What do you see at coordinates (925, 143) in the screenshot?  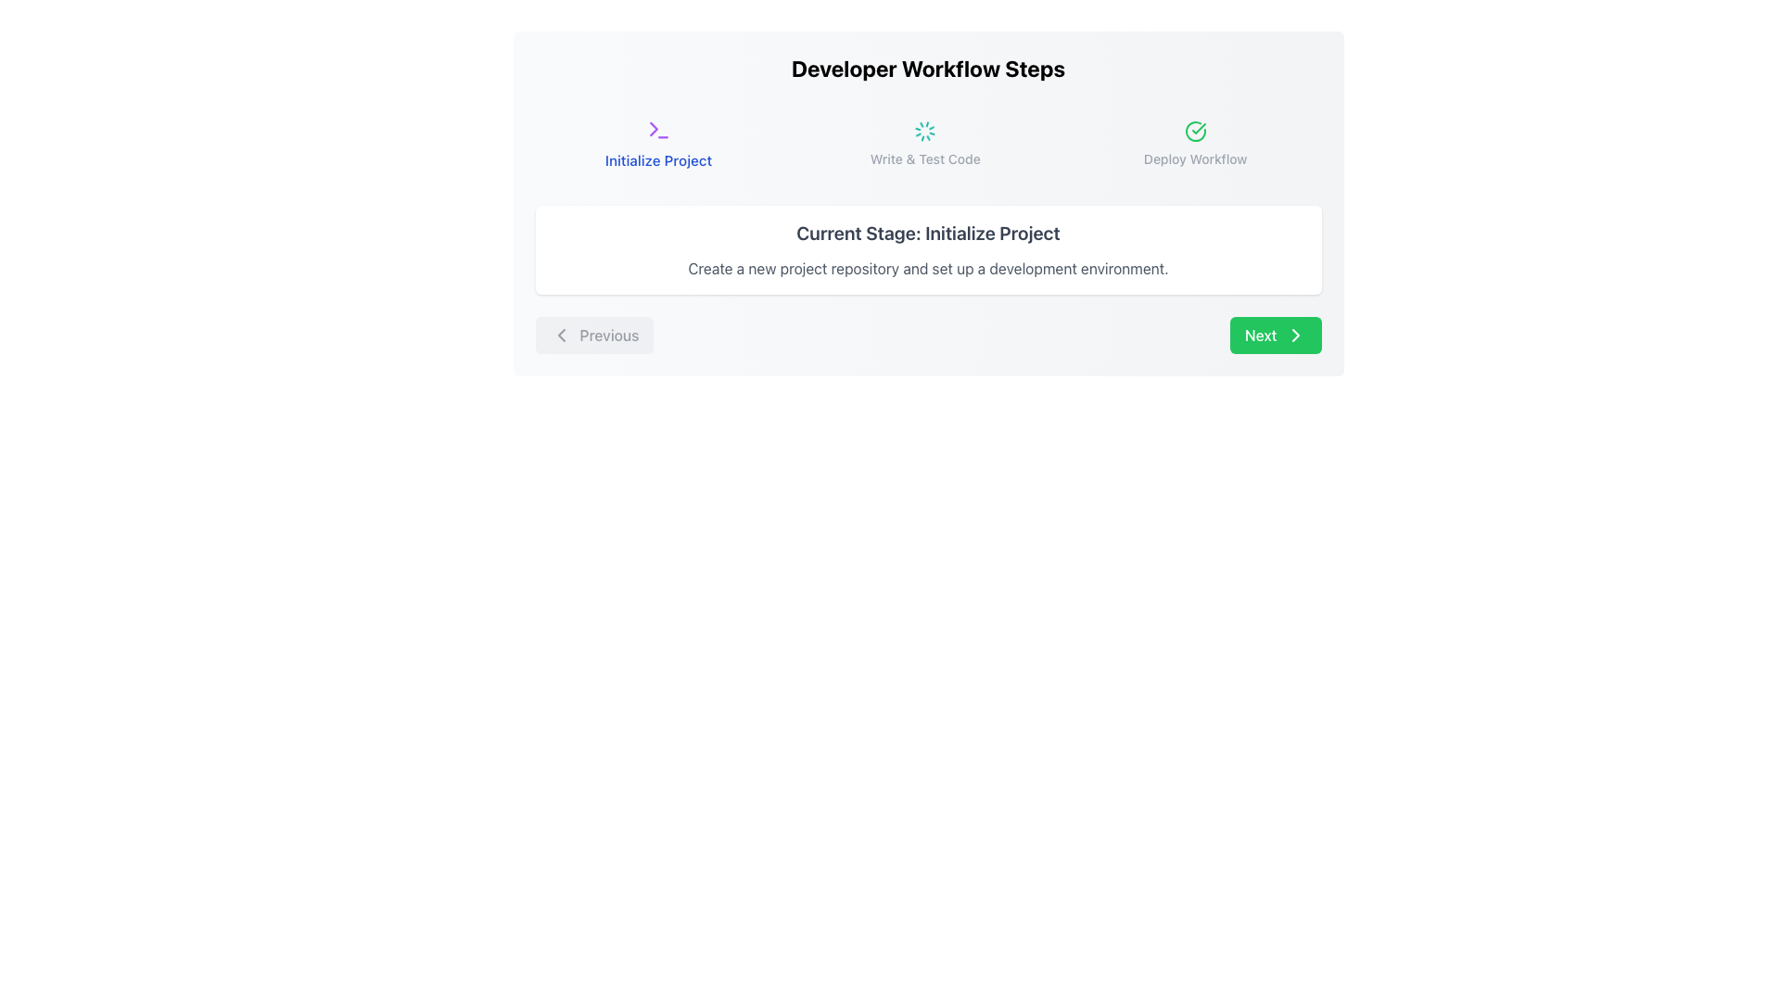 I see `the 'Write & Test Code' step display element which includes a spinner component and a label, indicating that this step is currently in progress or loading` at bounding box center [925, 143].